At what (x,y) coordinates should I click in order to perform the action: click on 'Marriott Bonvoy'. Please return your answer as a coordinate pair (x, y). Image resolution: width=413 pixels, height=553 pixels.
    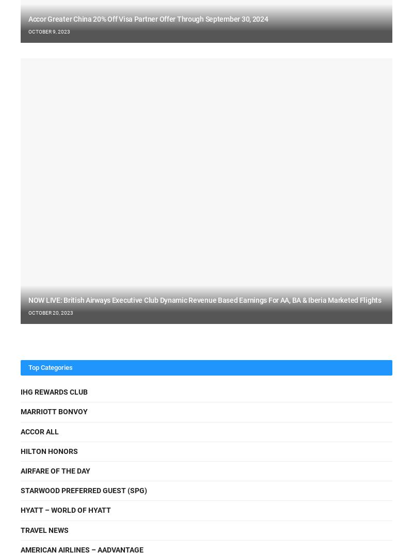
    Looking at the image, I should click on (54, 411).